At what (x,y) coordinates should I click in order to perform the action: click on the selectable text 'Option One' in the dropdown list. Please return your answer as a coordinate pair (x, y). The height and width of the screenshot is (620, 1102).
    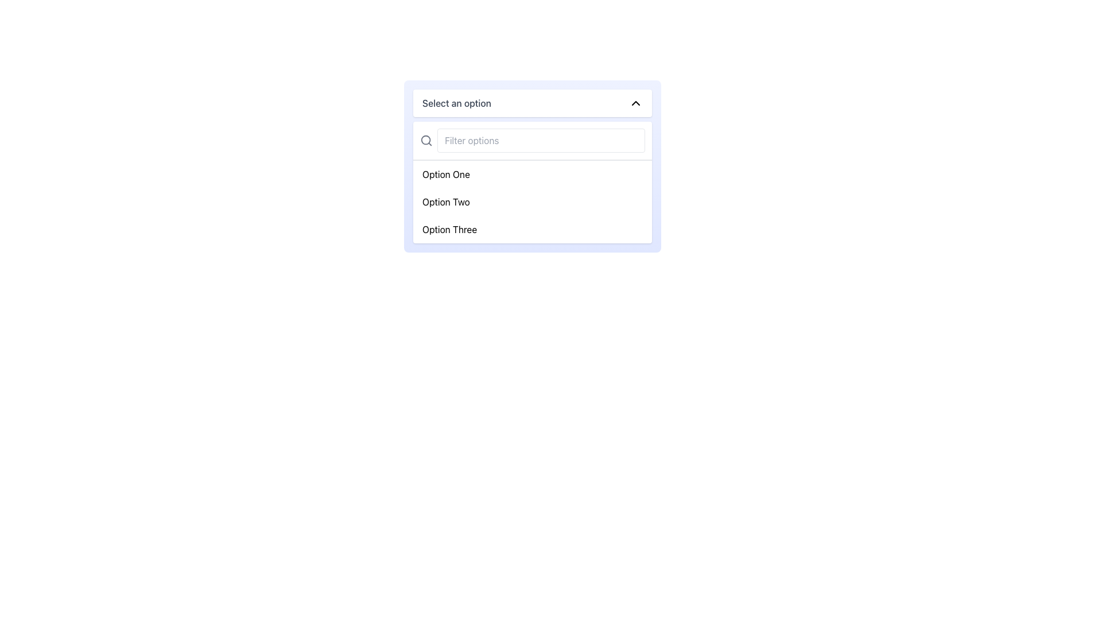
    Looking at the image, I should click on (445, 175).